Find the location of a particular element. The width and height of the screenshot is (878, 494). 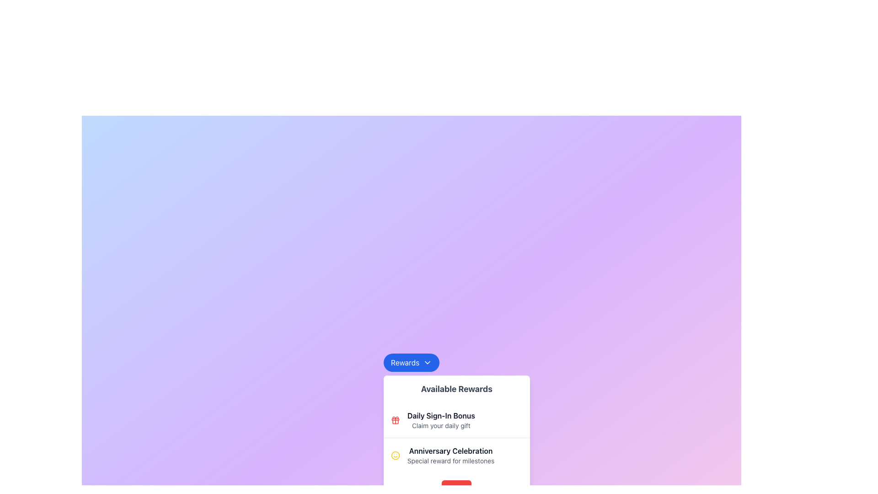

the second text label providing information about the daily gift under the 'Daily Sign-In Bonus' section is located at coordinates (441, 425).